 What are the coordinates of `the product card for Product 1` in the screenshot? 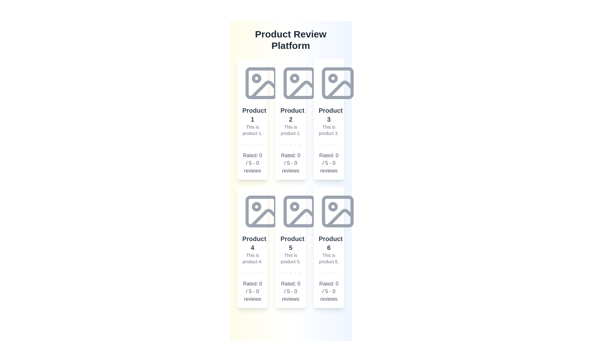 It's located at (252, 119).